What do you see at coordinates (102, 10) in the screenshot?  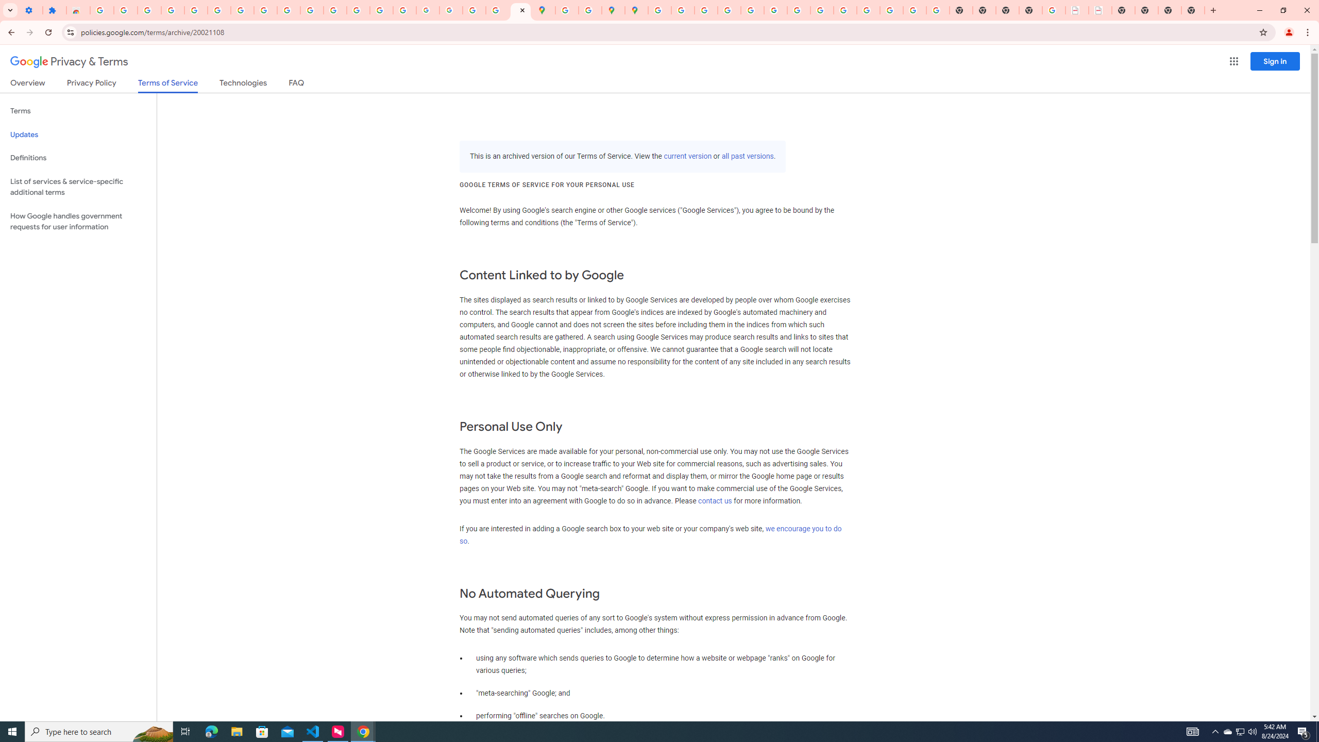 I see `'Sign in - Google Accounts'` at bounding box center [102, 10].